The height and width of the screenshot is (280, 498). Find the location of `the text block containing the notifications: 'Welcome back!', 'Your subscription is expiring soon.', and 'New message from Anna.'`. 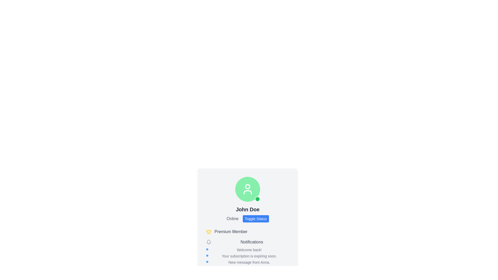

the text block containing the notifications: 'Welcome back!', 'Your subscription is expiring soon.', and 'New message from Anna.' is located at coordinates (247, 256).